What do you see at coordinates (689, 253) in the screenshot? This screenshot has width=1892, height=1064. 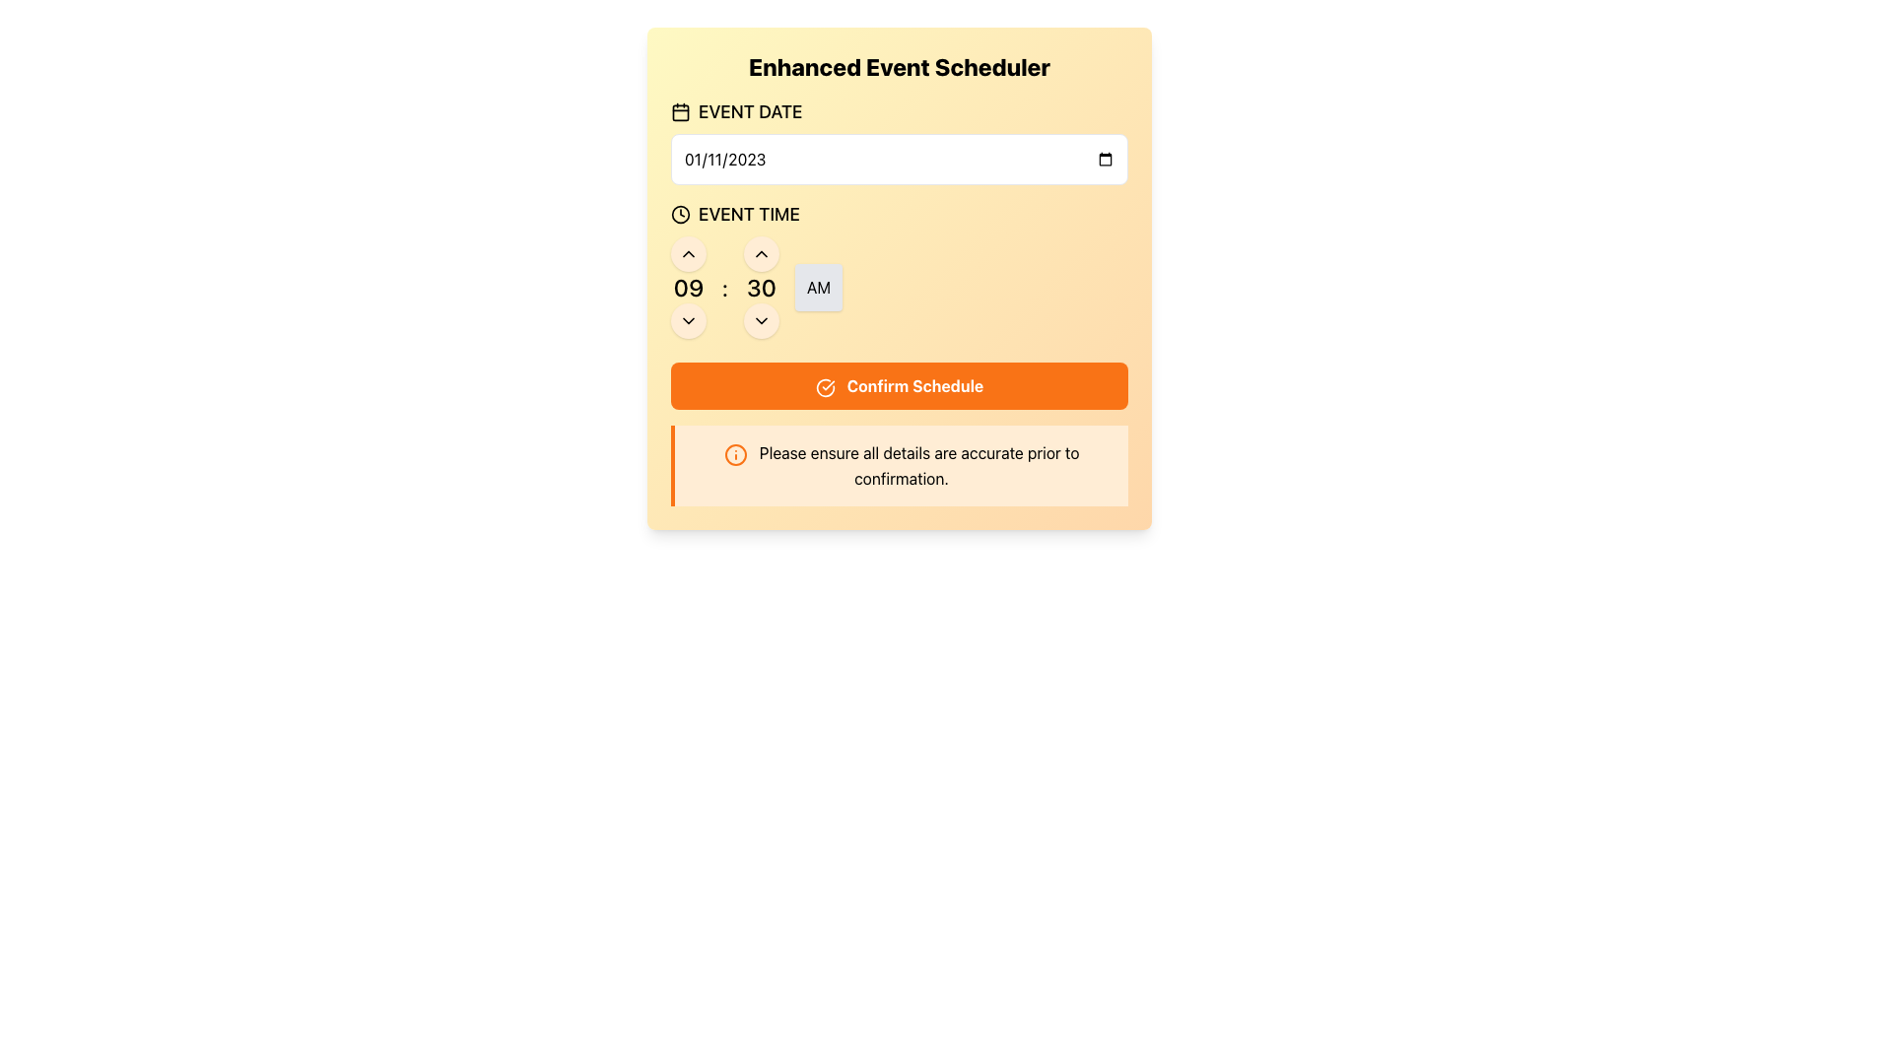 I see `the first circular button in the 'Event Time' section` at bounding box center [689, 253].